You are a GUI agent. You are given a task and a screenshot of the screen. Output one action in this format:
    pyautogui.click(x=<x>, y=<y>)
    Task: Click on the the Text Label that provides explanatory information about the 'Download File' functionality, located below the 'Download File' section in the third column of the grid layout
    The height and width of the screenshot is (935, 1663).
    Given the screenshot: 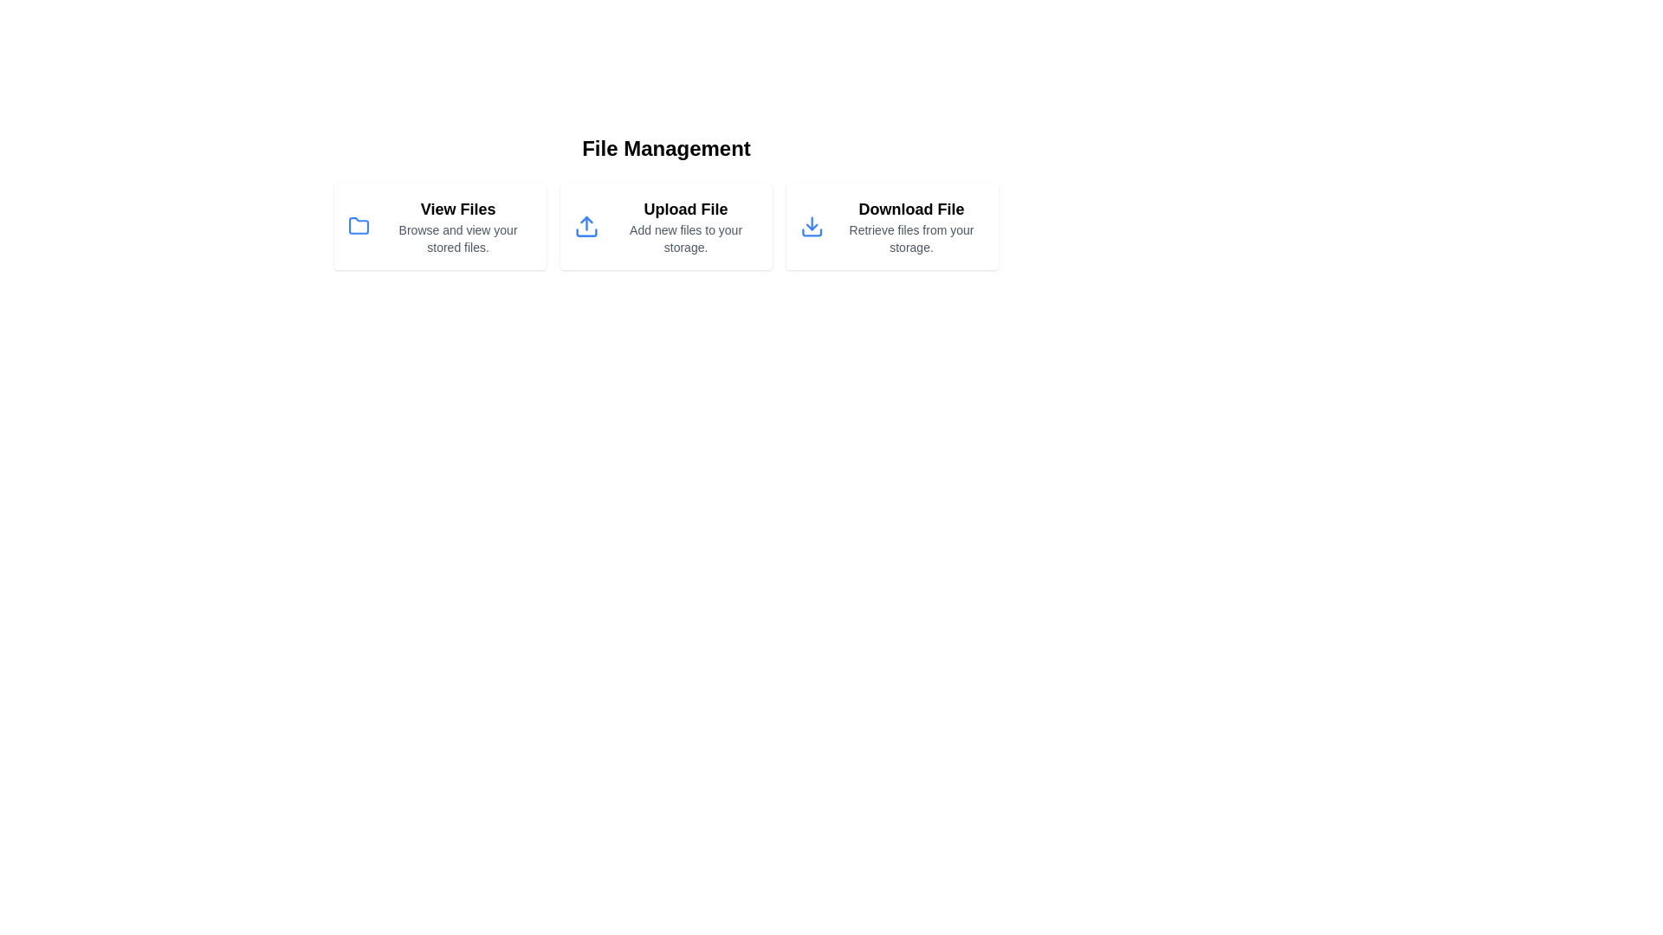 What is the action you would take?
    pyautogui.click(x=910, y=239)
    